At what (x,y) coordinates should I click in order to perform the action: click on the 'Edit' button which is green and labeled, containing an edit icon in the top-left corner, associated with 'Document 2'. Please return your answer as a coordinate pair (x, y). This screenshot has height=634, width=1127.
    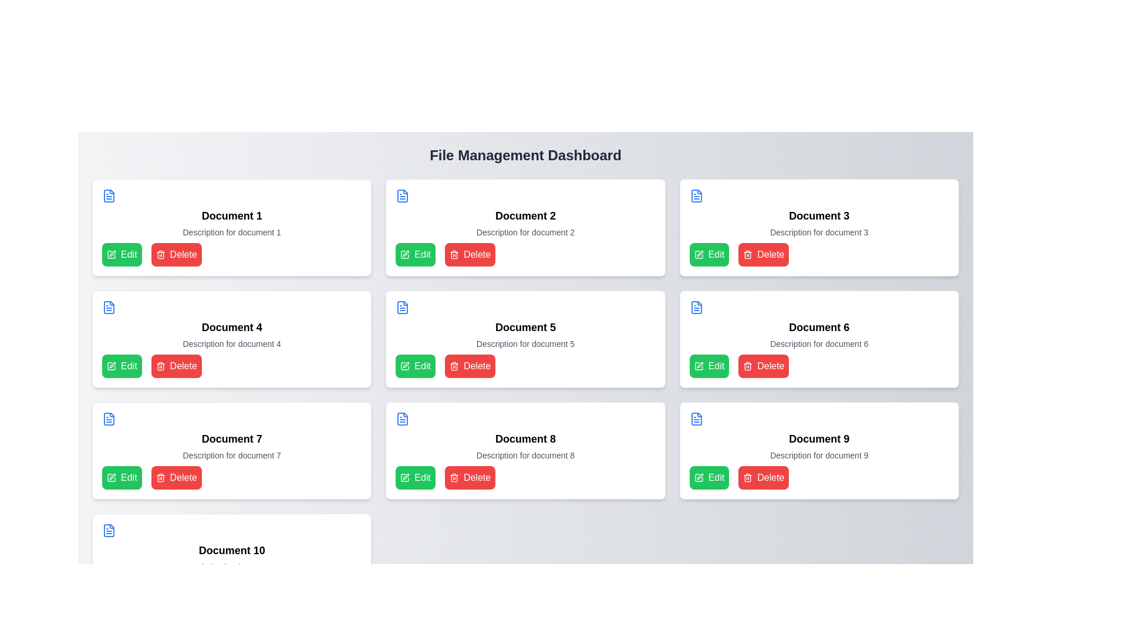
    Looking at the image, I should click on (699, 254).